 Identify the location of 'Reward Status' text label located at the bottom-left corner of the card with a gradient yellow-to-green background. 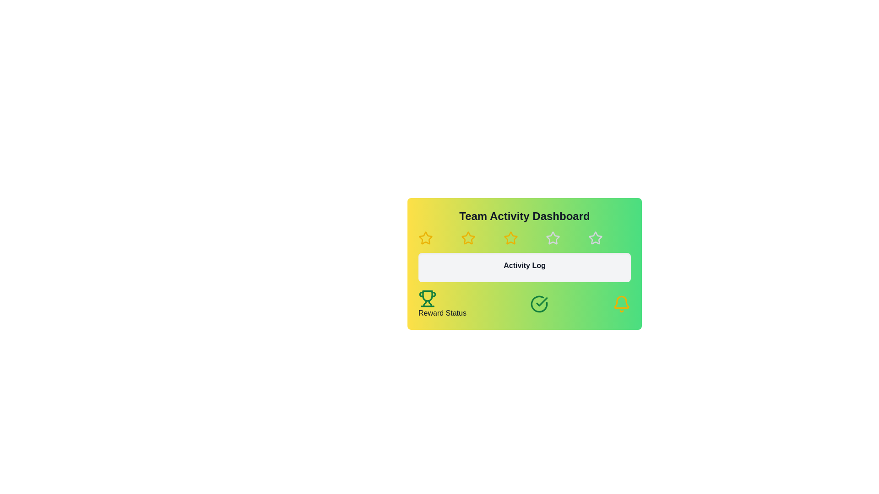
(442, 313).